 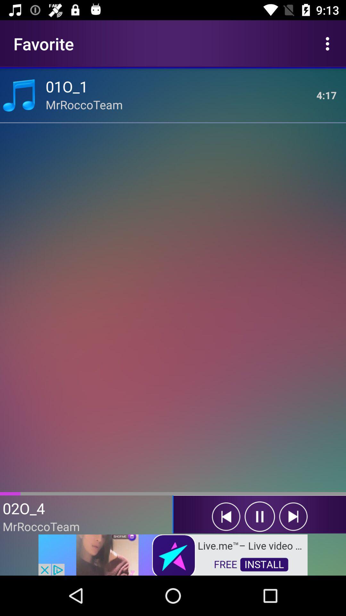 What do you see at coordinates (226, 517) in the screenshot?
I see `the skip_previous icon` at bounding box center [226, 517].